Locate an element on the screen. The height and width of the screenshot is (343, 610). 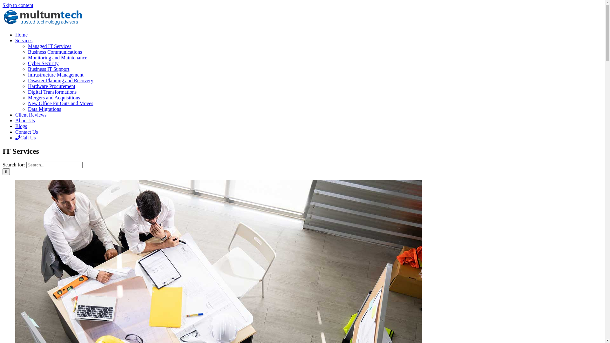
'Digital Transformations' is located at coordinates (52, 92).